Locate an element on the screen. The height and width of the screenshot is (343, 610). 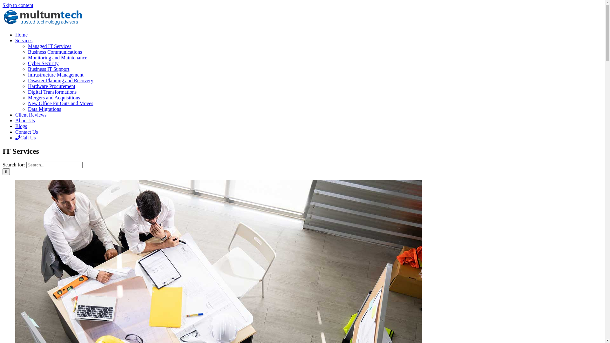
'Digital Transformations' is located at coordinates (52, 92).